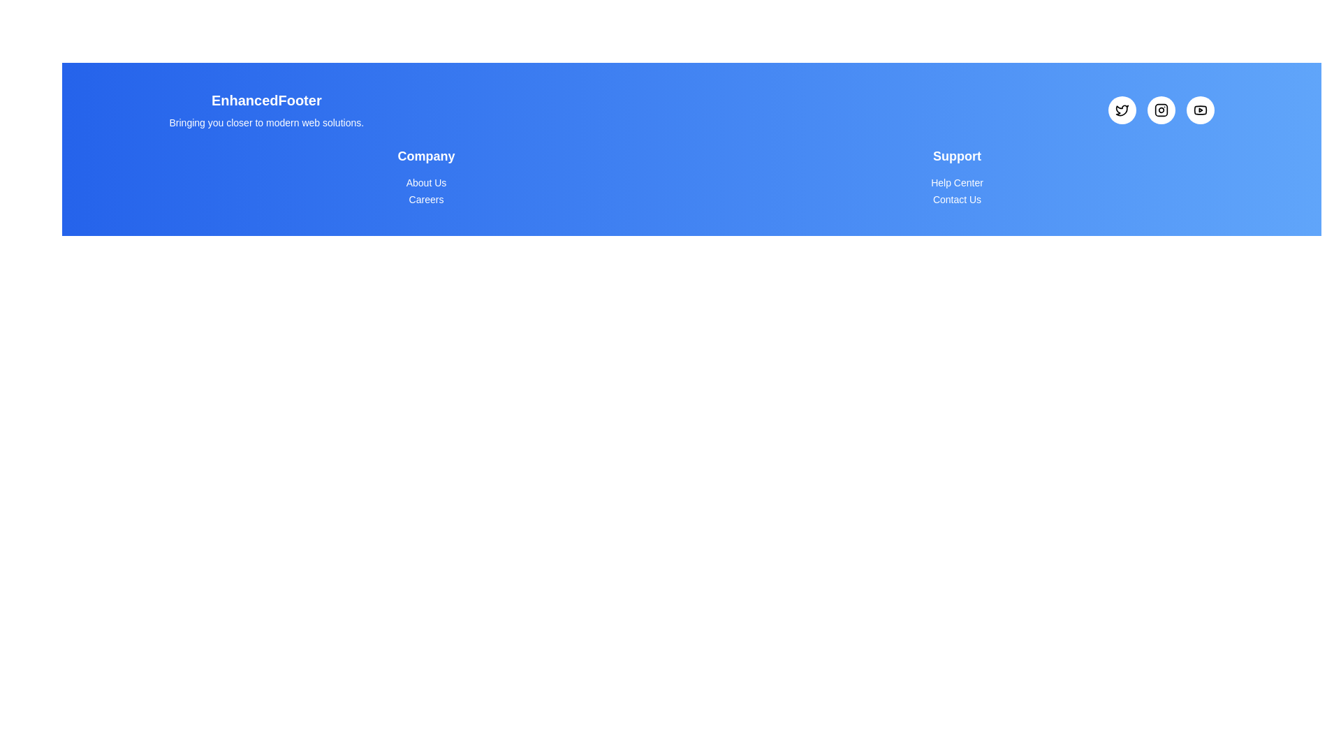  Describe the element at coordinates (1122, 110) in the screenshot. I see `the first circular button in the blue footer section that directs users to a Twitter page to trigger visual feedback` at that location.